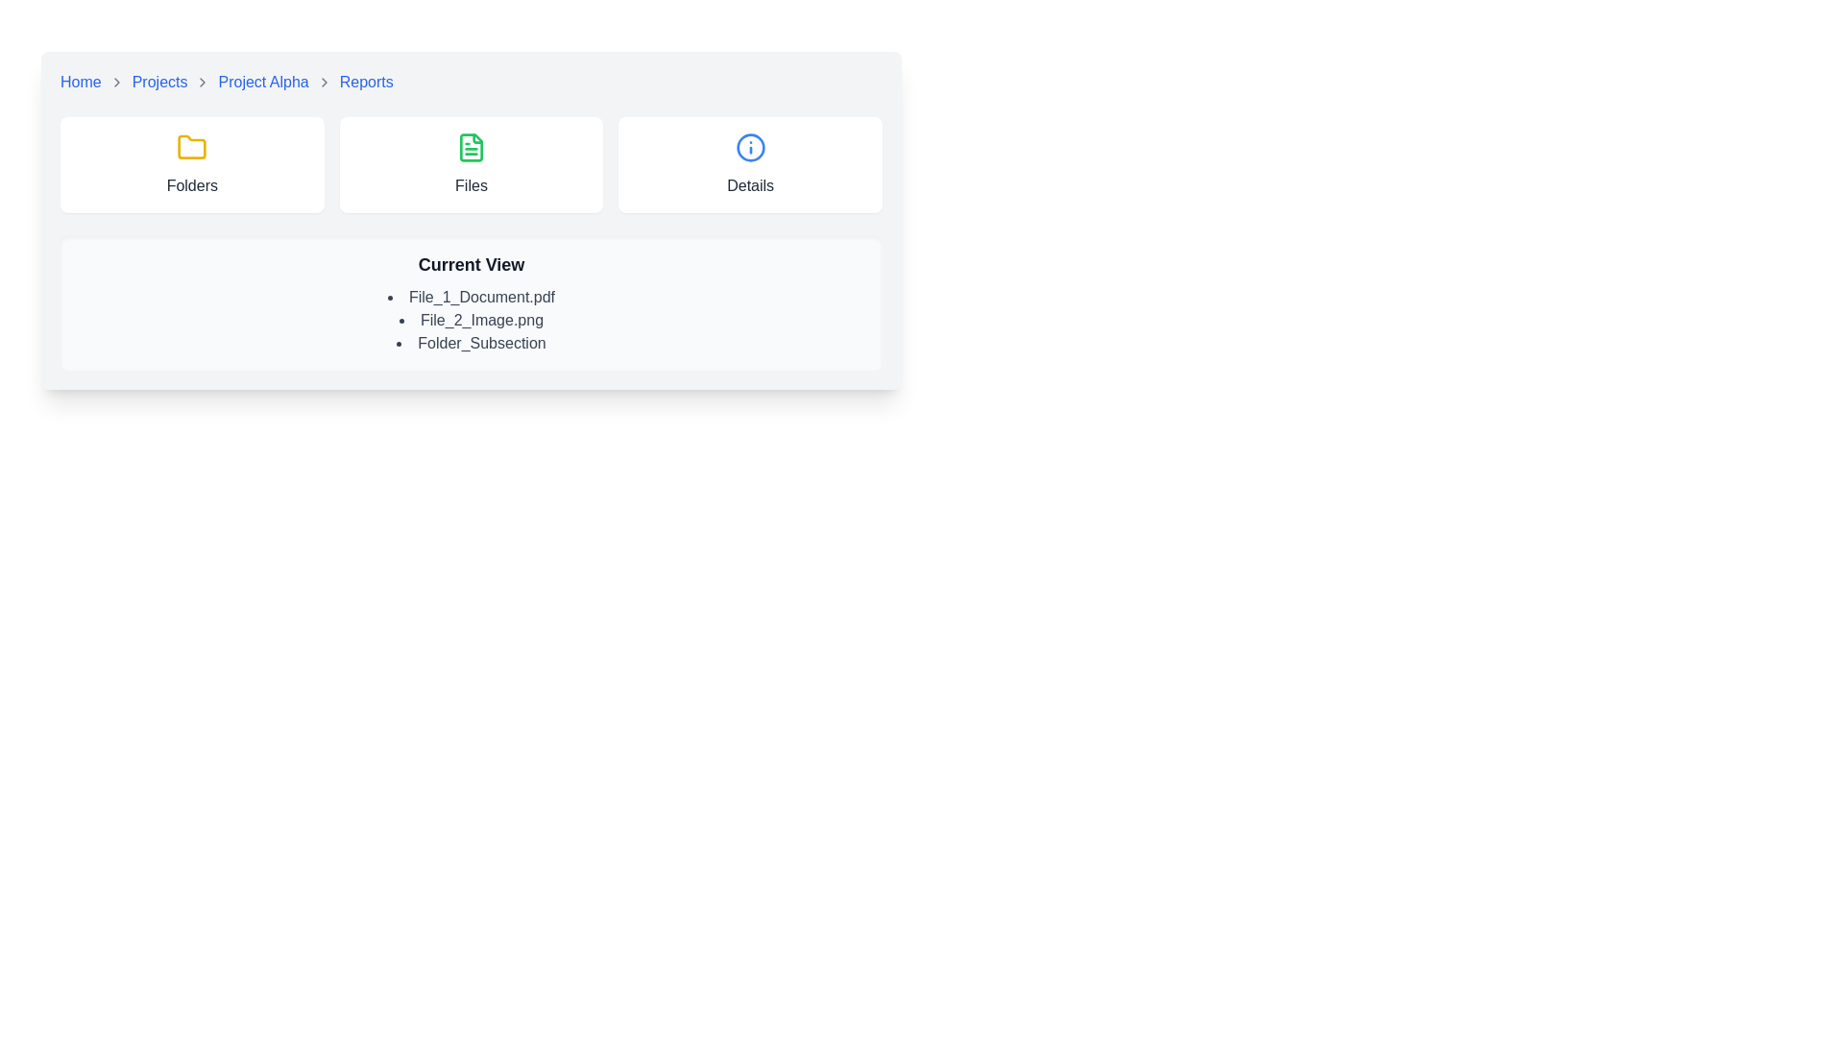  Describe the element at coordinates (366, 81) in the screenshot. I see `the 'Reports' hyperlink in the breadcrumb navigation bar to underline it` at that location.